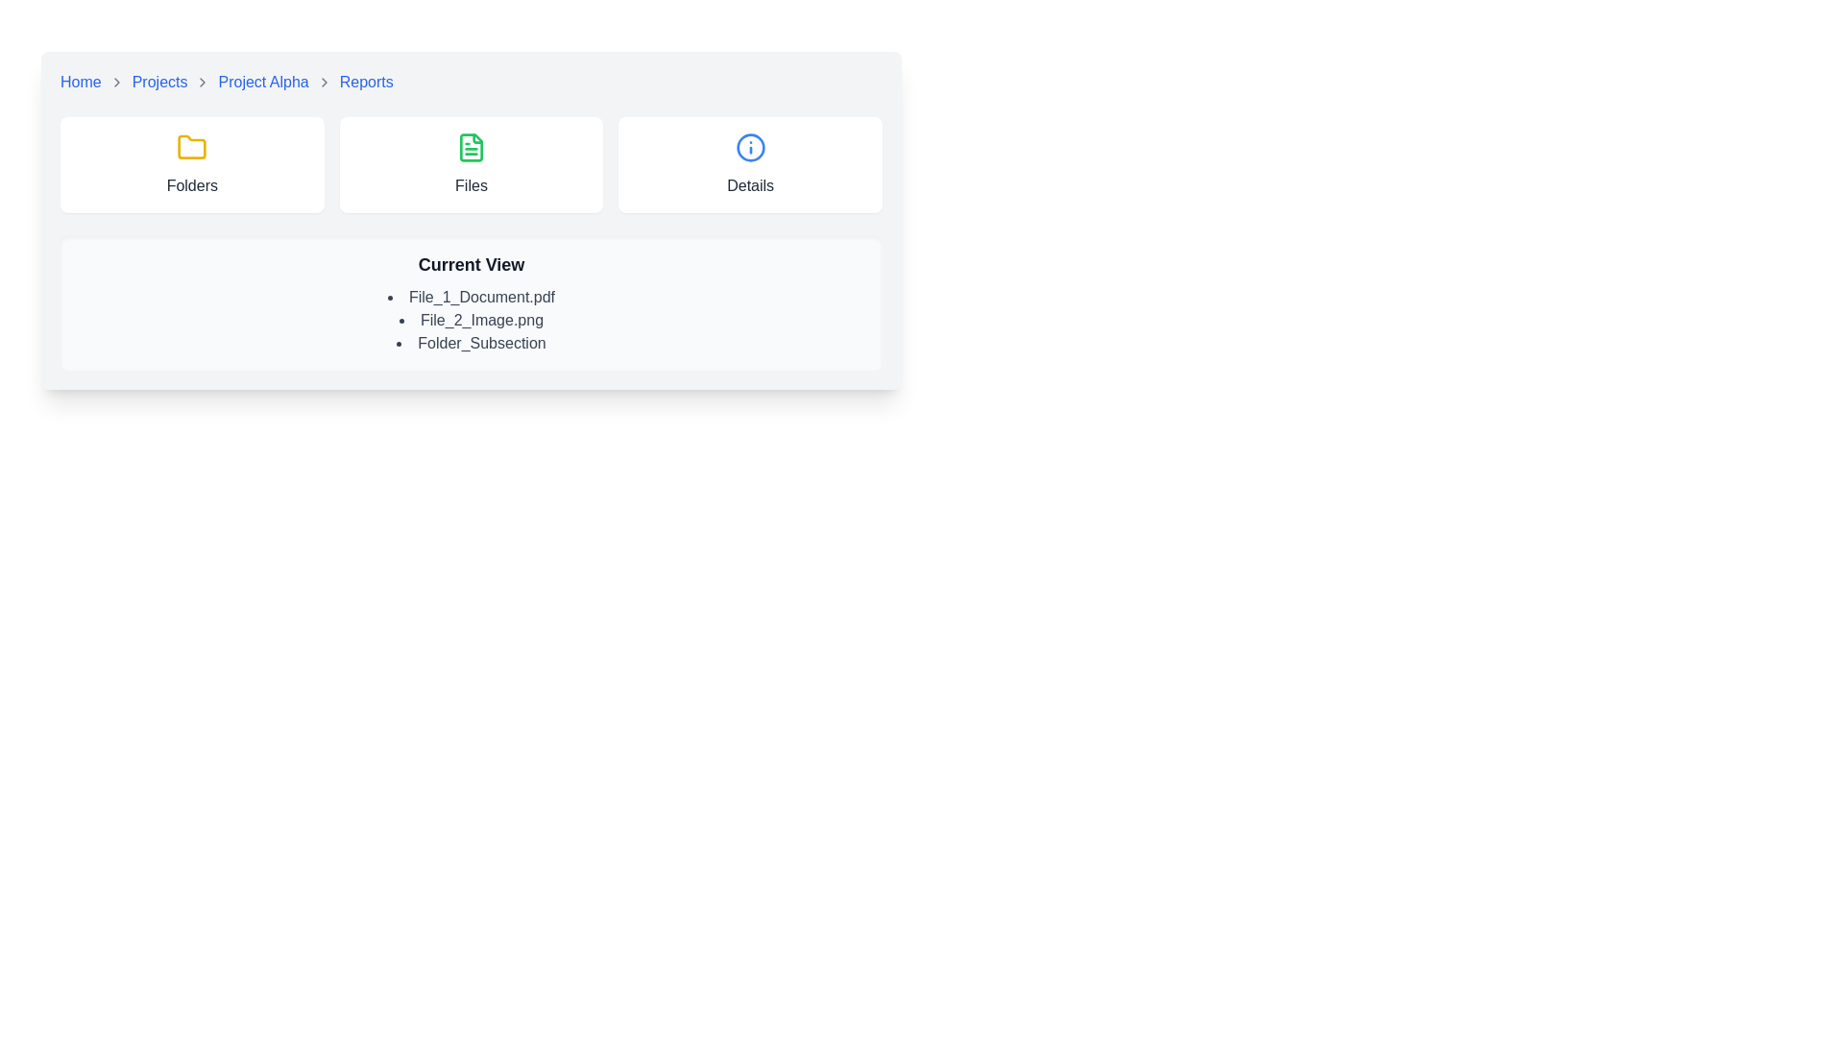  Describe the element at coordinates (366, 81) in the screenshot. I see `the 'Reports' hyperlink in the breadcrumb navigation bar to underline it` at that location.